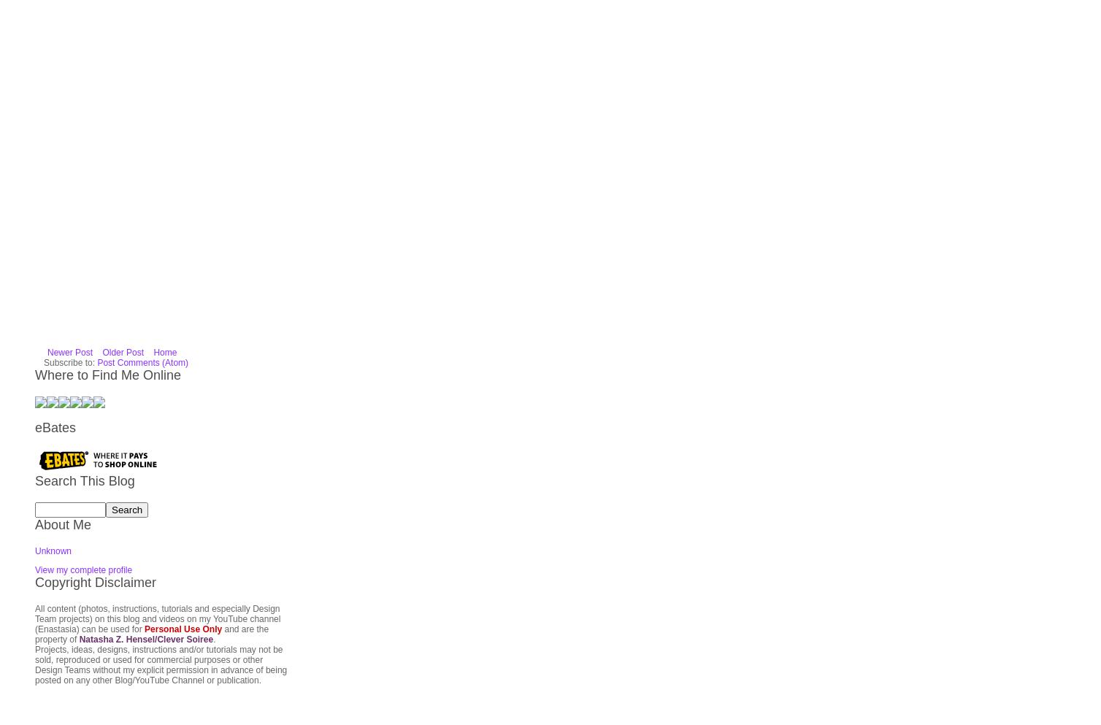  I want to click on '.', so click(212, 464).